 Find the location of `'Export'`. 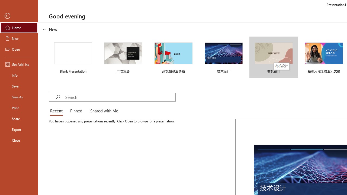

'Export' is located at coordinates (19, 129).